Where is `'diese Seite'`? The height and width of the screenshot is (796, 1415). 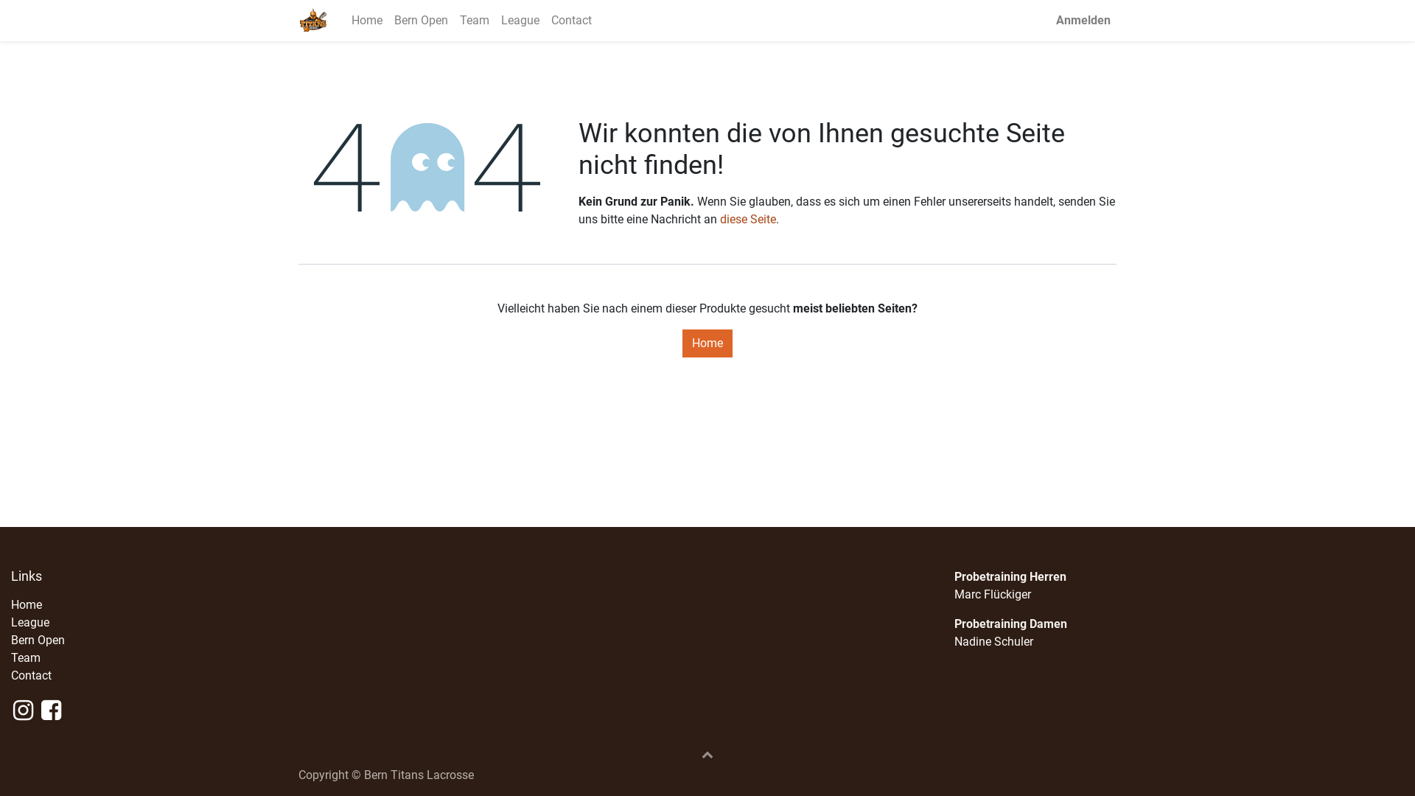
'diese Seite' is located at coordinates (747, 219).